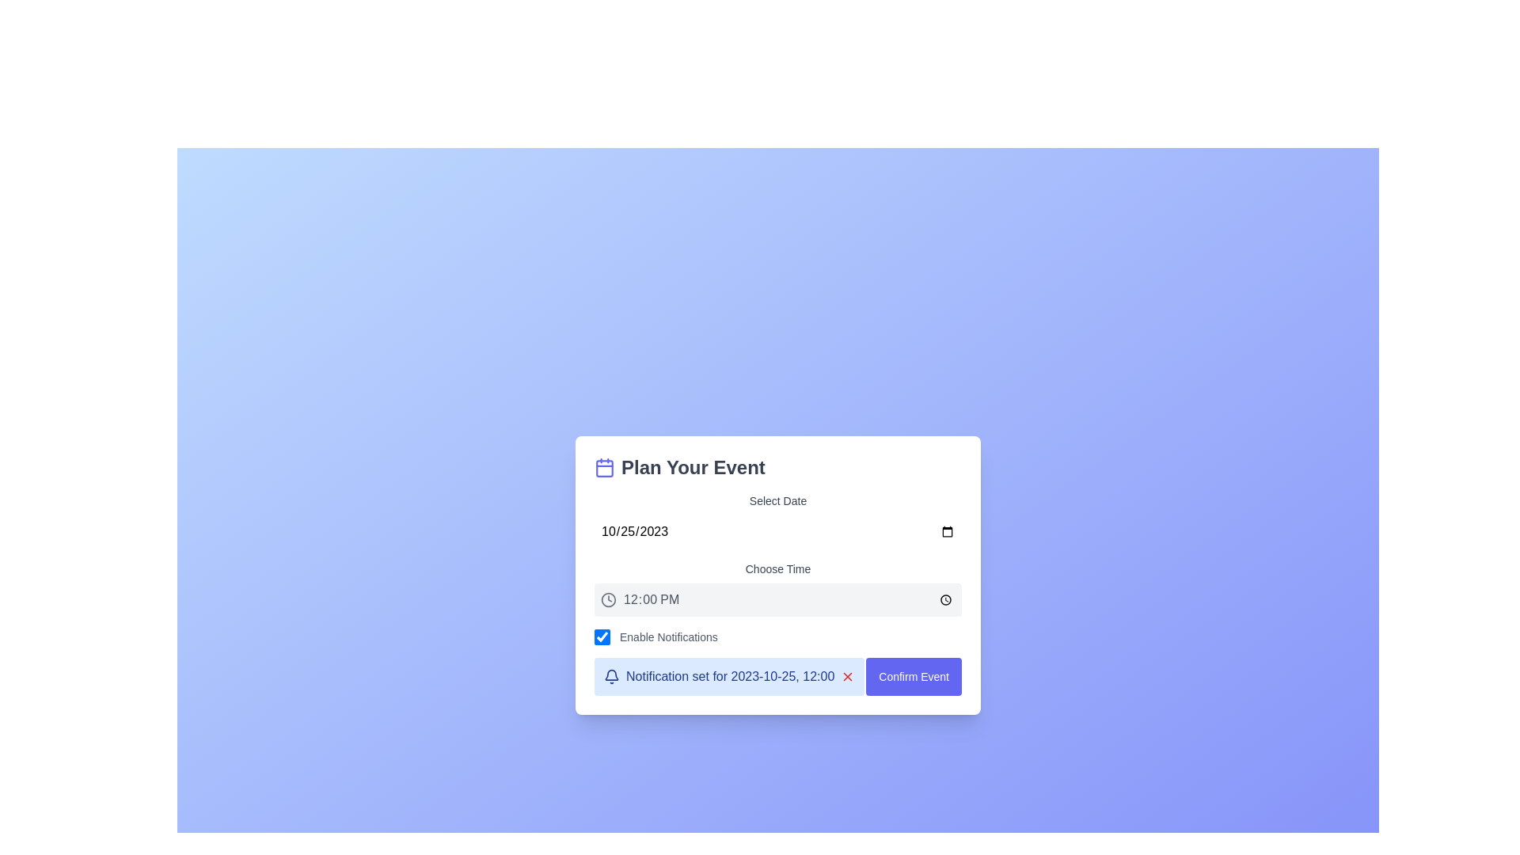 The height and width of the screenshot is (855, 1520). Describe the element at coordinates (847, 677) in the screenshot. I see `the close ('X') button icon in red color located within the notification box at the bottom of the central card` at that location.